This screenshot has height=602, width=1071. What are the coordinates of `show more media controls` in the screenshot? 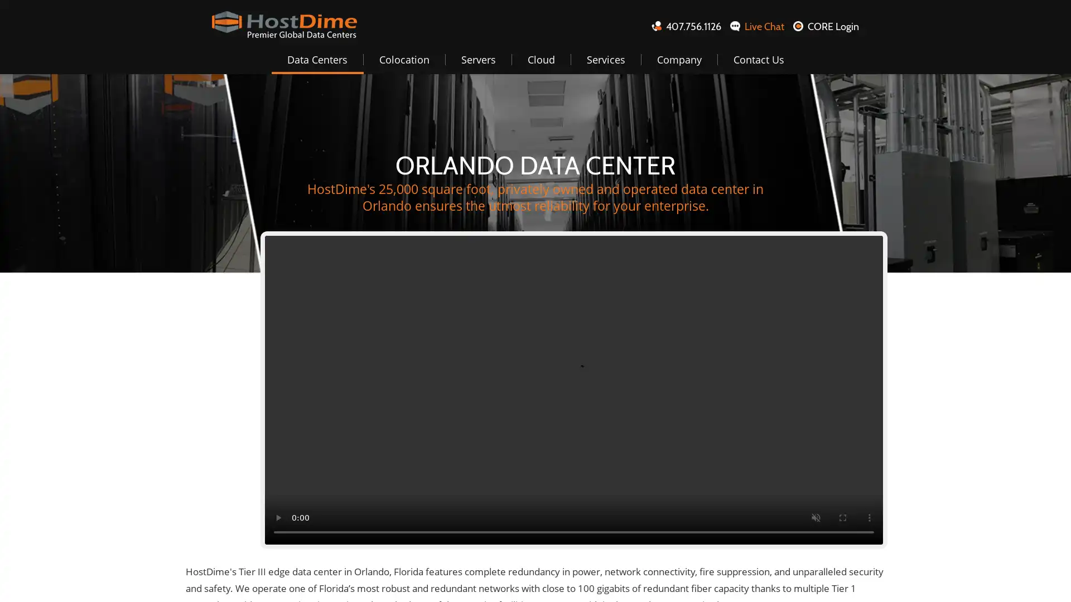 It's located at (869, 518).